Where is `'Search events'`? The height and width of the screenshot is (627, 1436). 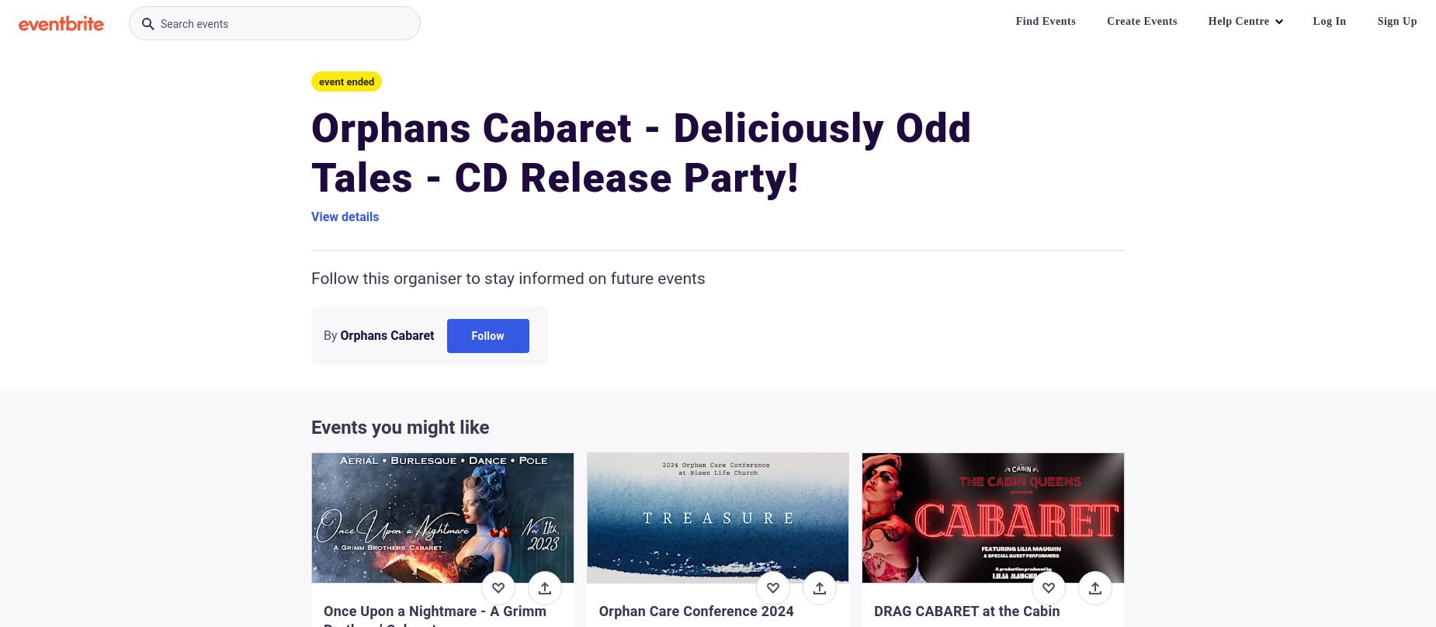
'Search events' is located at coordinates (193, 24).